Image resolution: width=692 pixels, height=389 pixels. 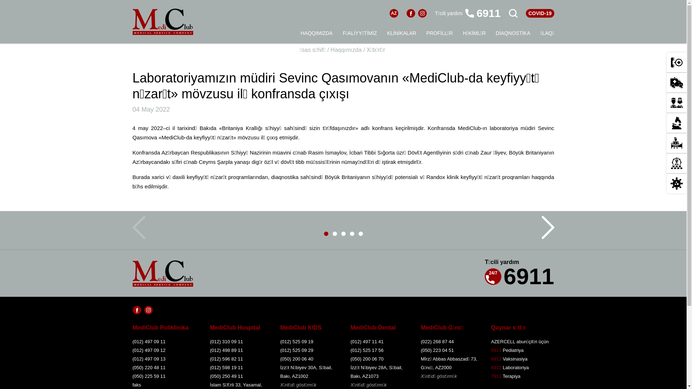 What do you see at coordinates (309, 341) in the screenshot?
I see `'(012) 525 09 19'` at bounding box center [309, 341].